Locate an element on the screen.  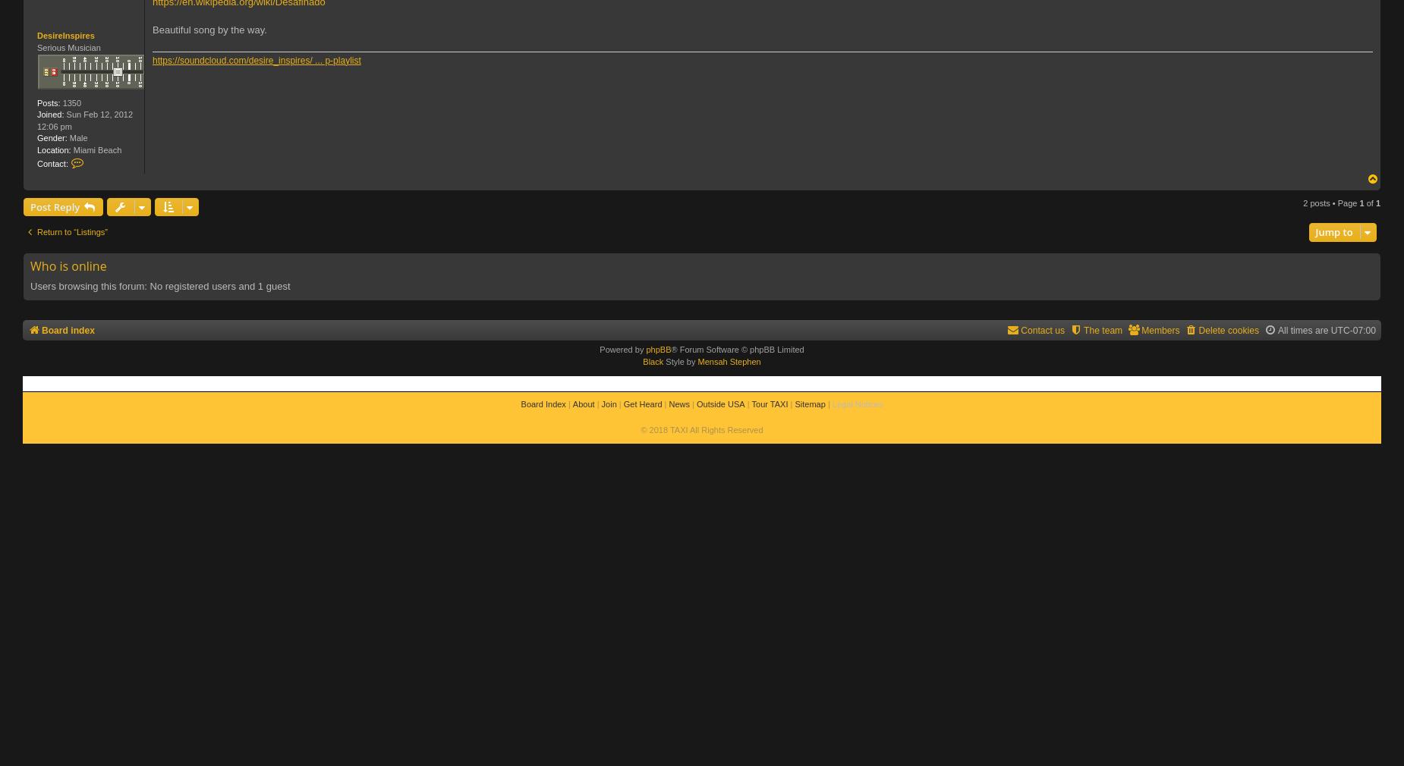
'Style by' is located at coordinates (680, 361).